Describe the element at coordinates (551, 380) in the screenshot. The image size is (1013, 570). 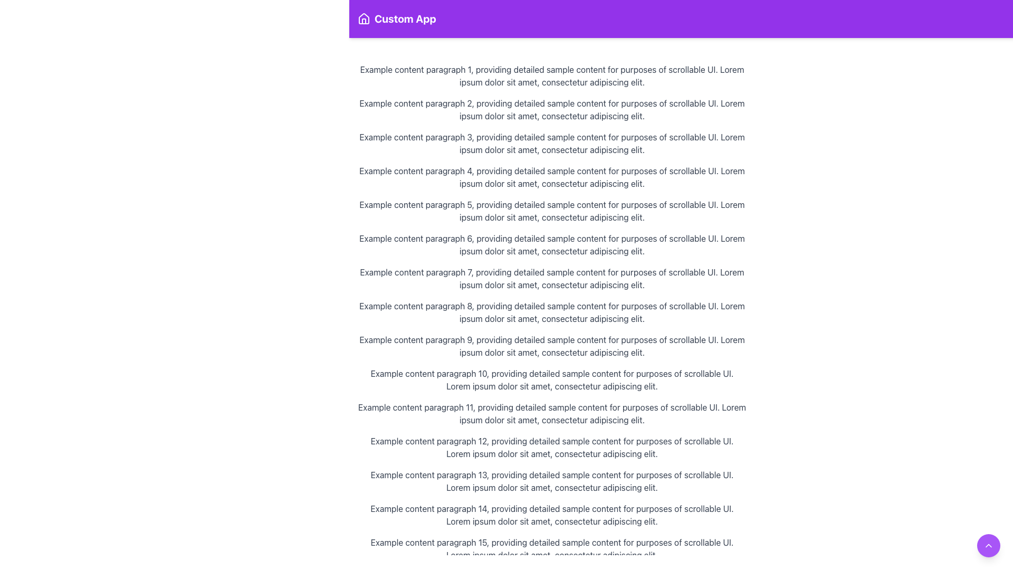
I see `the 10th paragraph text block in the scrollable list of content, which serves as a non-interactive text display` at that location.